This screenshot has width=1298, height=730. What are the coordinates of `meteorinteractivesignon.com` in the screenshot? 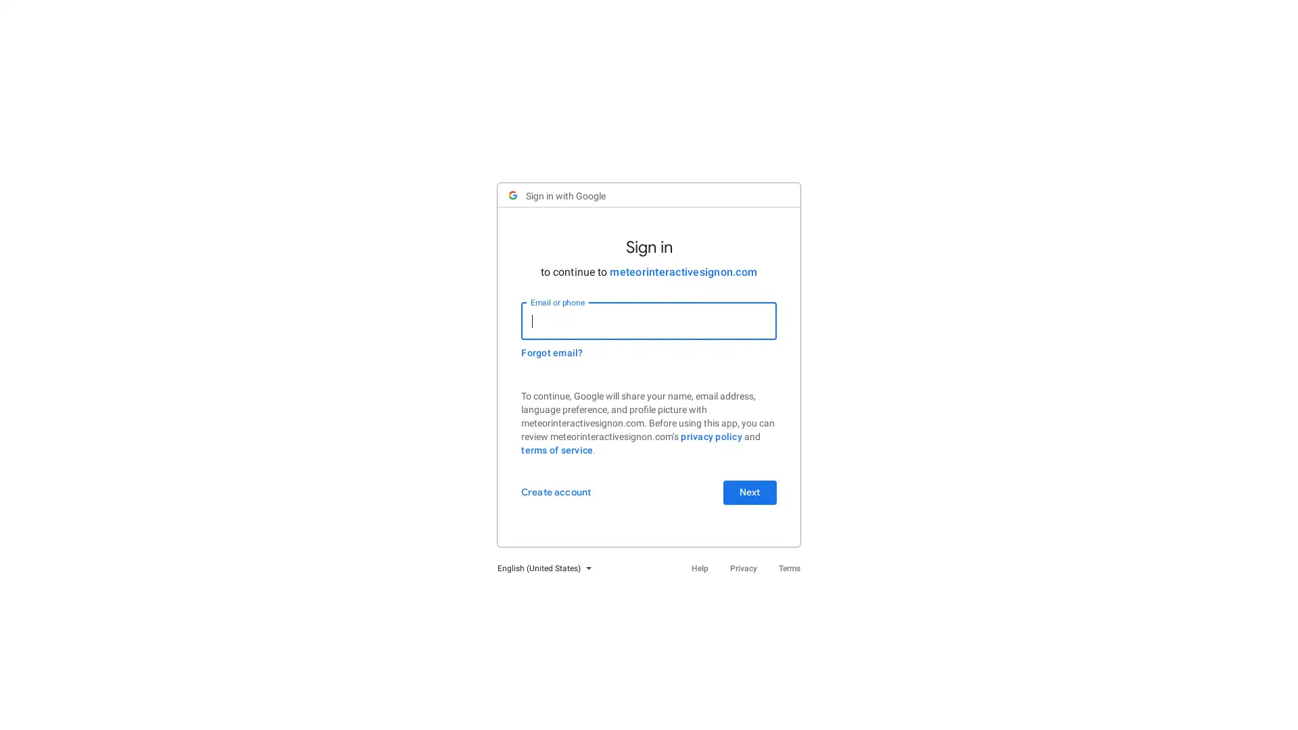 It's located at (683, 274).